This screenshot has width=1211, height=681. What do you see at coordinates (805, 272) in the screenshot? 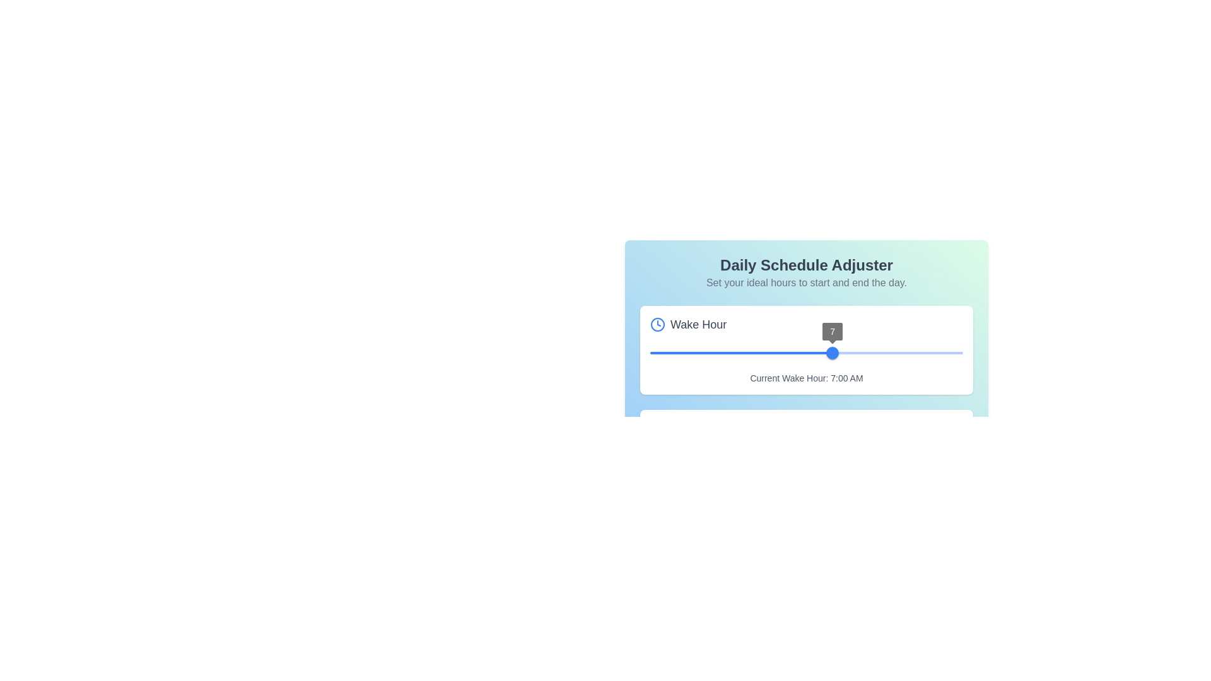
I see `the 'Daily Schedule Adjuster' text block, which includes the header and subtext, located at the center of the panel` at bounding box center [805, 272].